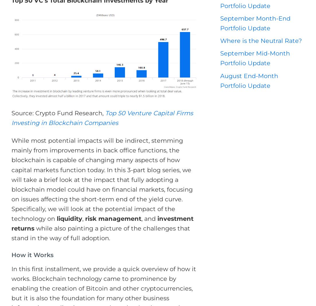  What do you see at coordinates (249, 80) in the screenshot?
I see `'August End-Month Portfolio Update'` at bounding box center [249, 80].